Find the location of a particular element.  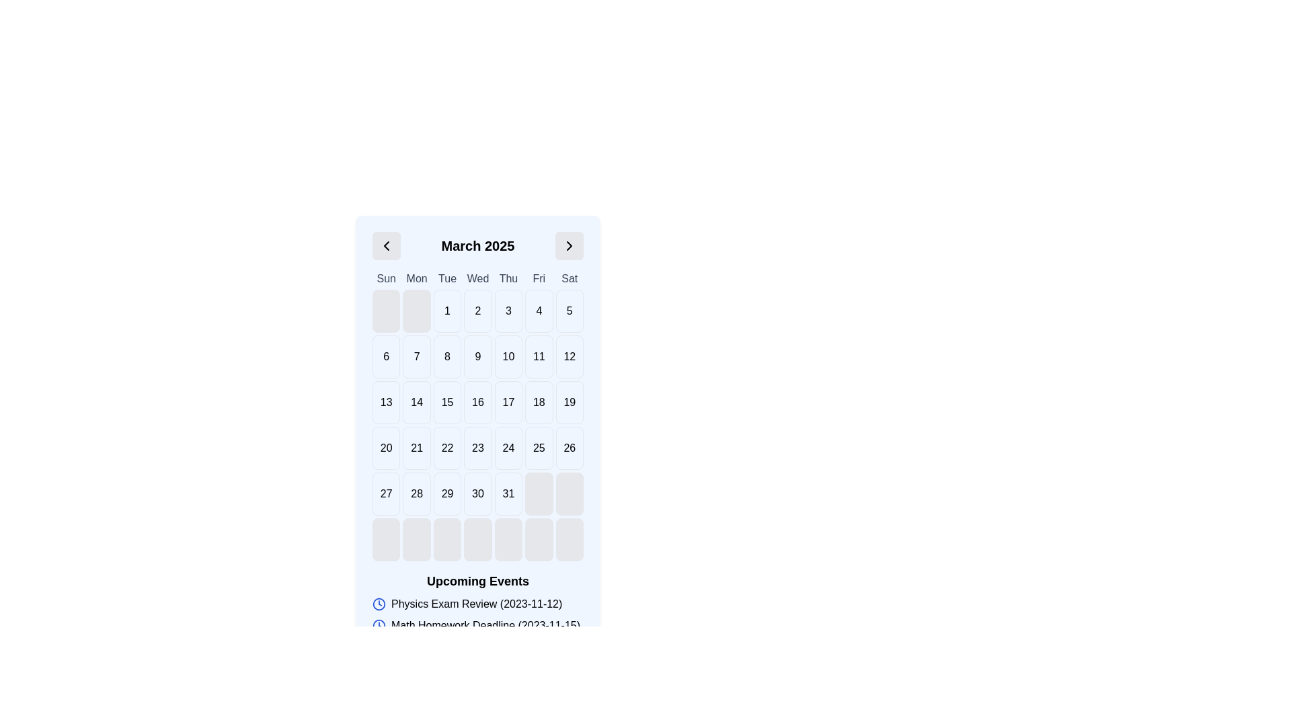

the Text label representing 'Tue' in the calendar header, located in the third column between 'Mon' and 'Wed' is located at coordinates (447, 278).